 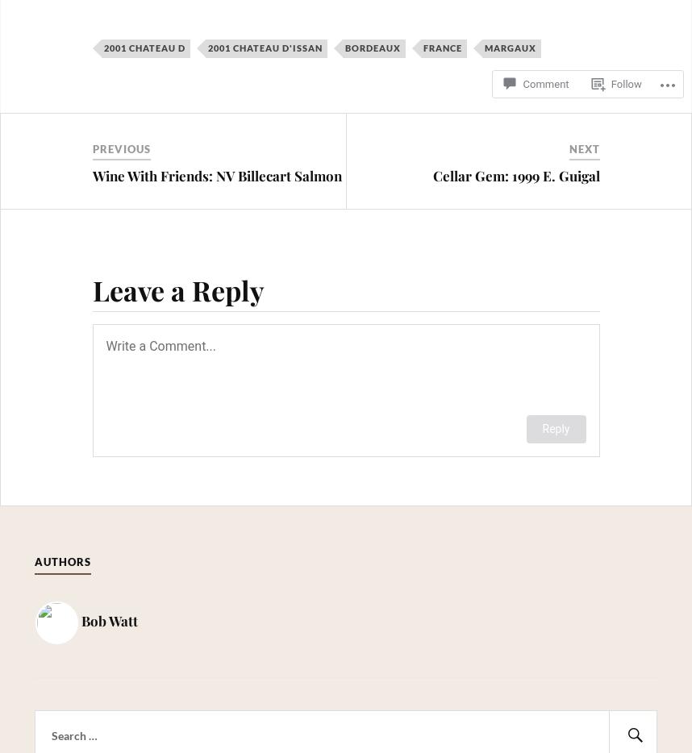 What do you see at coordinates (625, 83) in the screenshot?
I see `'Follow'` at bounding box center [625, 83].